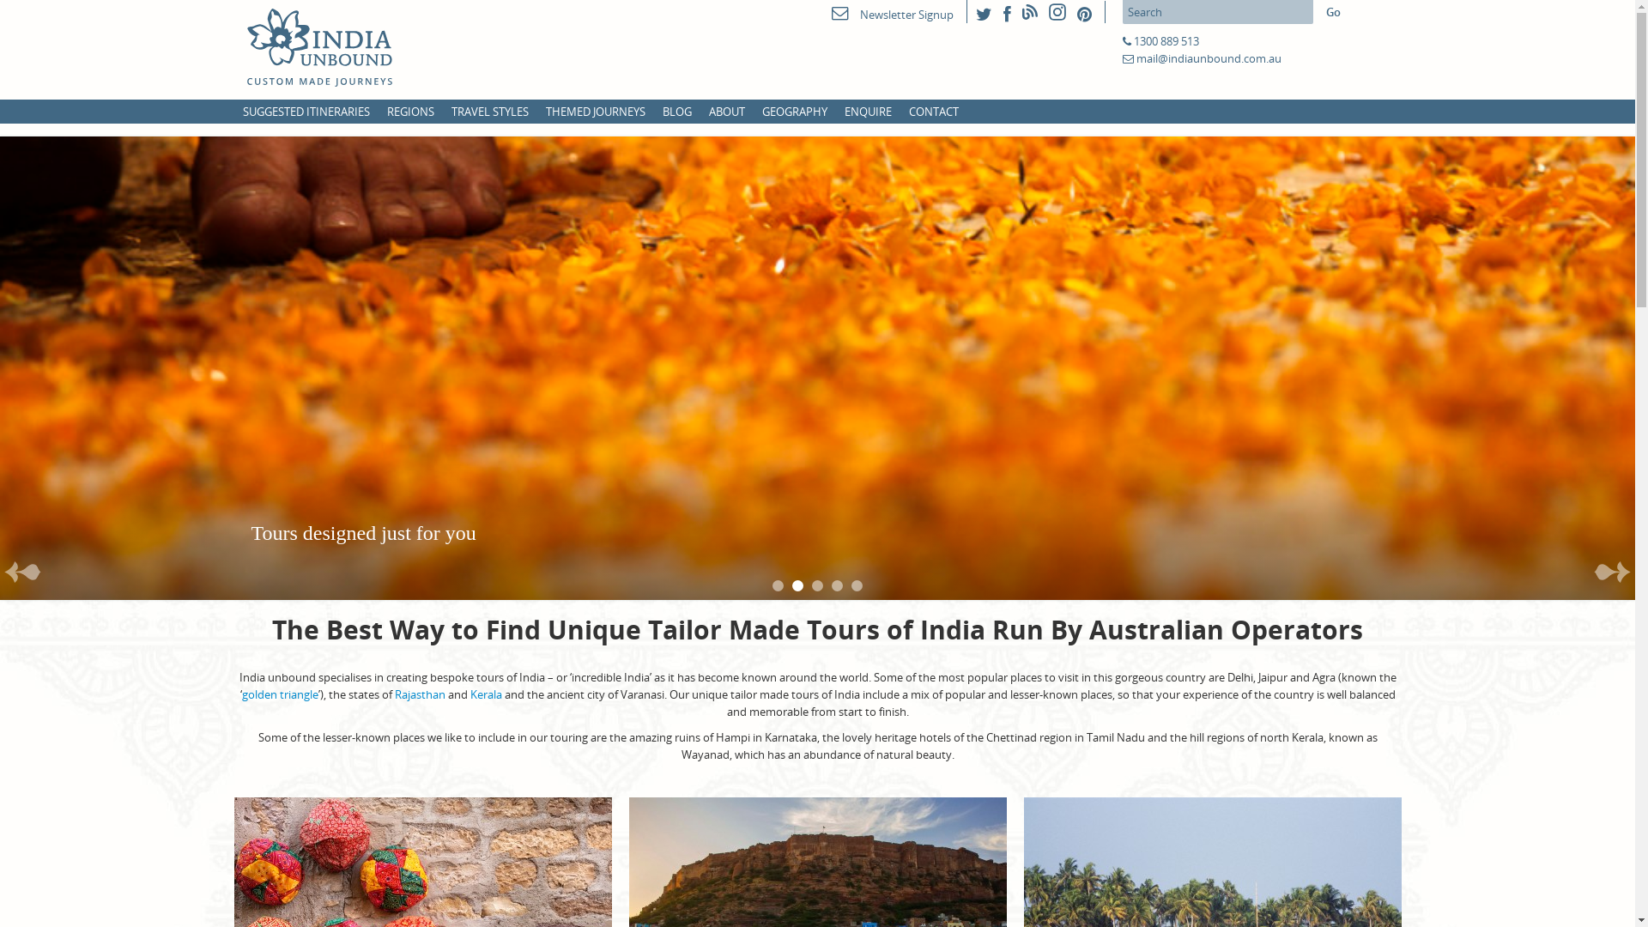 Image resolution: width=1648 pixels, height=927 pixels. Describe the element at coordinates (485, 694) in the screenshot. I see `'Kerala'` at that location.